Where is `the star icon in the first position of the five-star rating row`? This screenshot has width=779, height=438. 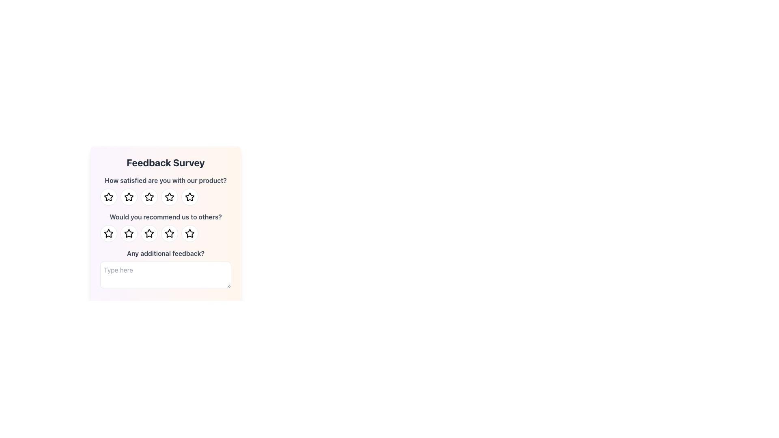 the star icon in the first position of the five-star rating row is located at coordinates (108, 197).